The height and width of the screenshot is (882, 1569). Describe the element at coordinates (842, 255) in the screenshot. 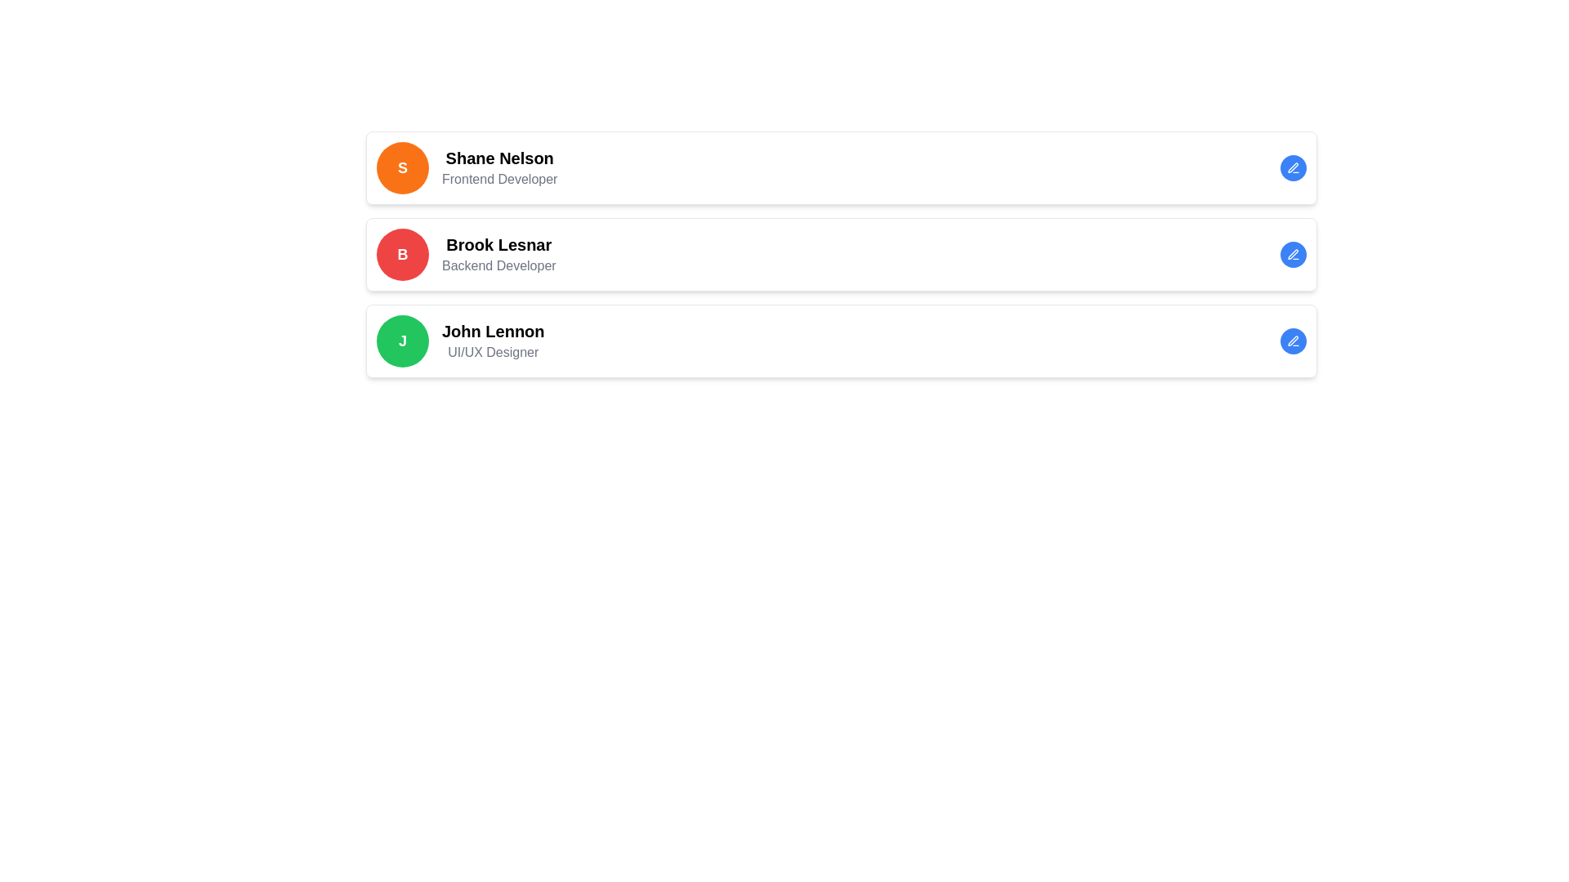

I see `profile information from the Profile card for 'Brook Lesnar', which includes the name in bold and the title 'Backend Developer' below it` at that location.